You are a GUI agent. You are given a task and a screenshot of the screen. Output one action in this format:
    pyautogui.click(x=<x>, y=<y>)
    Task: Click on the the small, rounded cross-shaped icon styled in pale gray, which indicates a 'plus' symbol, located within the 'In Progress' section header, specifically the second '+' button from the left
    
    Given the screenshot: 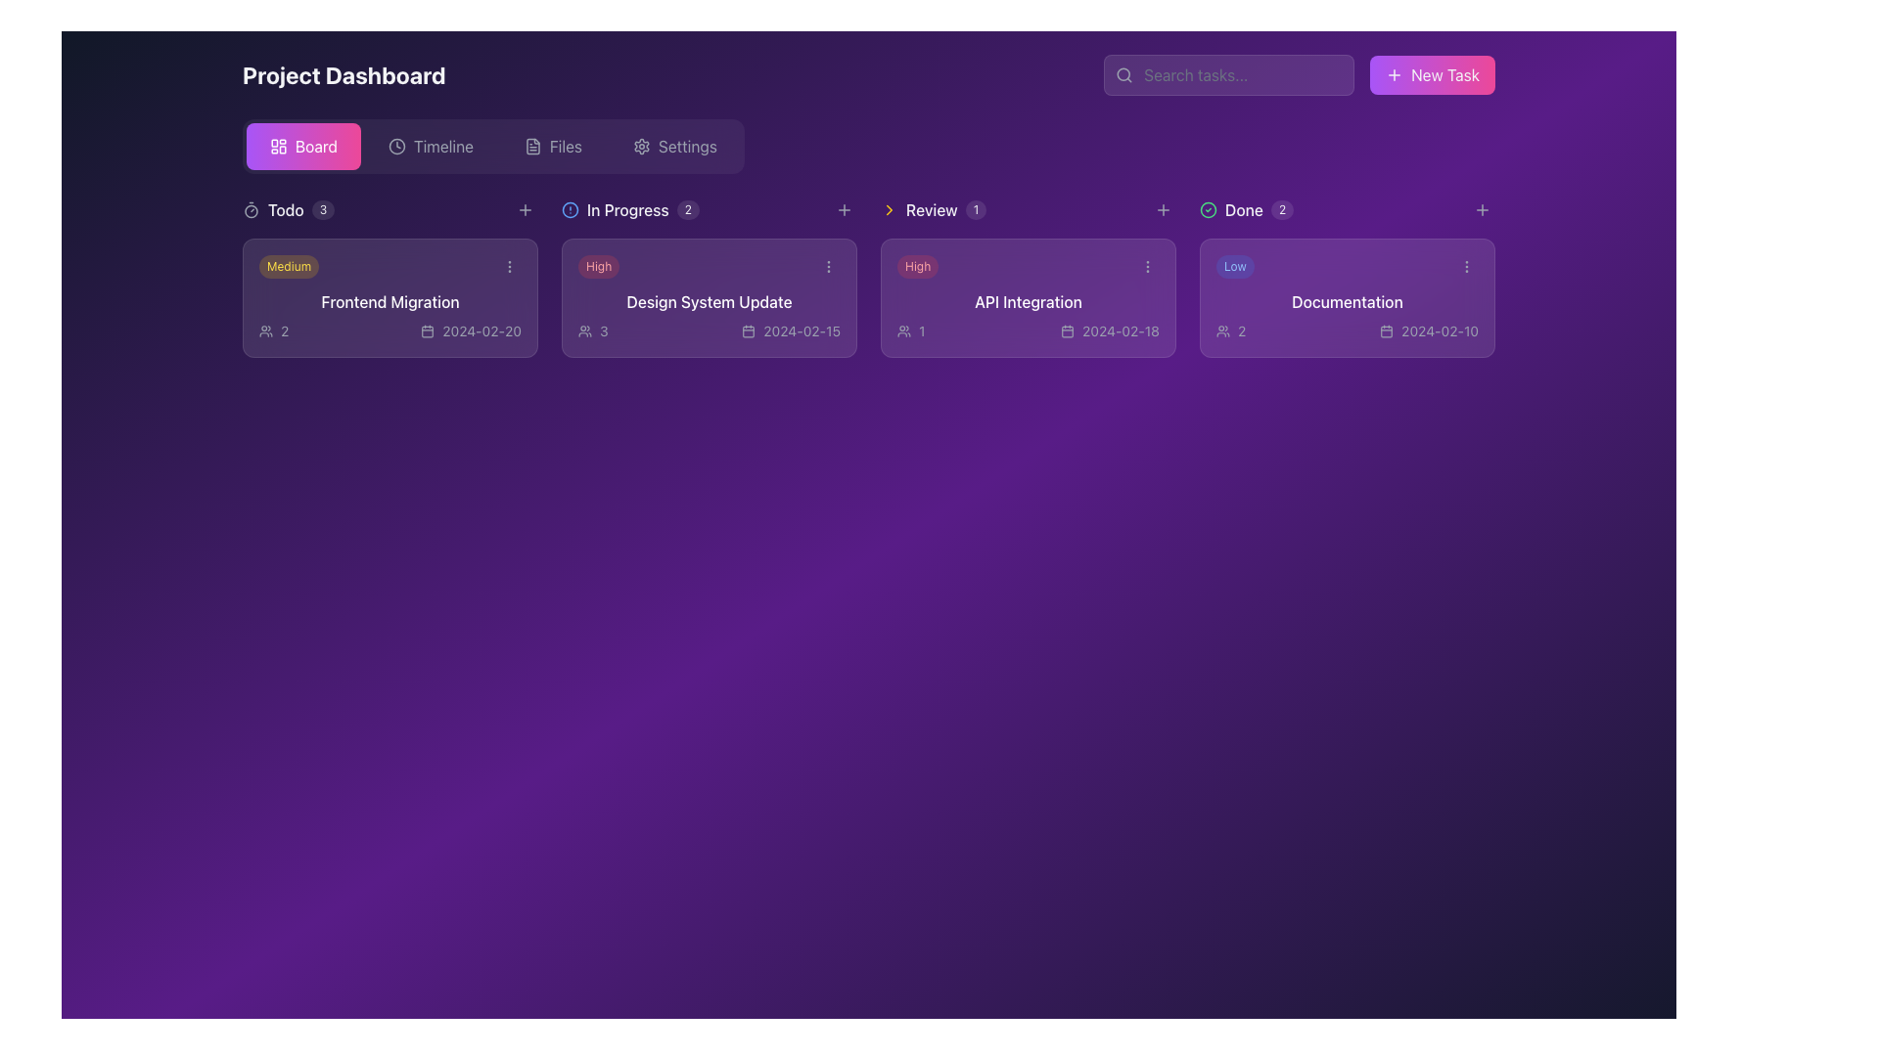 What is the action you would take?
    pyautogui.click(x=845, y=210)
    